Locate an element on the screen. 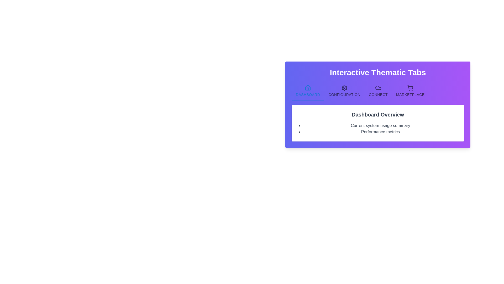 Image resolution: width=504 pixels, height=284 pixels. the graphical representation of the house-shaped icon located in the 'Dashboard' tab, which is styled with thin blue stroke lines and positioned to the left of the 'Dashboard' label is located at coordinates (308, 88).